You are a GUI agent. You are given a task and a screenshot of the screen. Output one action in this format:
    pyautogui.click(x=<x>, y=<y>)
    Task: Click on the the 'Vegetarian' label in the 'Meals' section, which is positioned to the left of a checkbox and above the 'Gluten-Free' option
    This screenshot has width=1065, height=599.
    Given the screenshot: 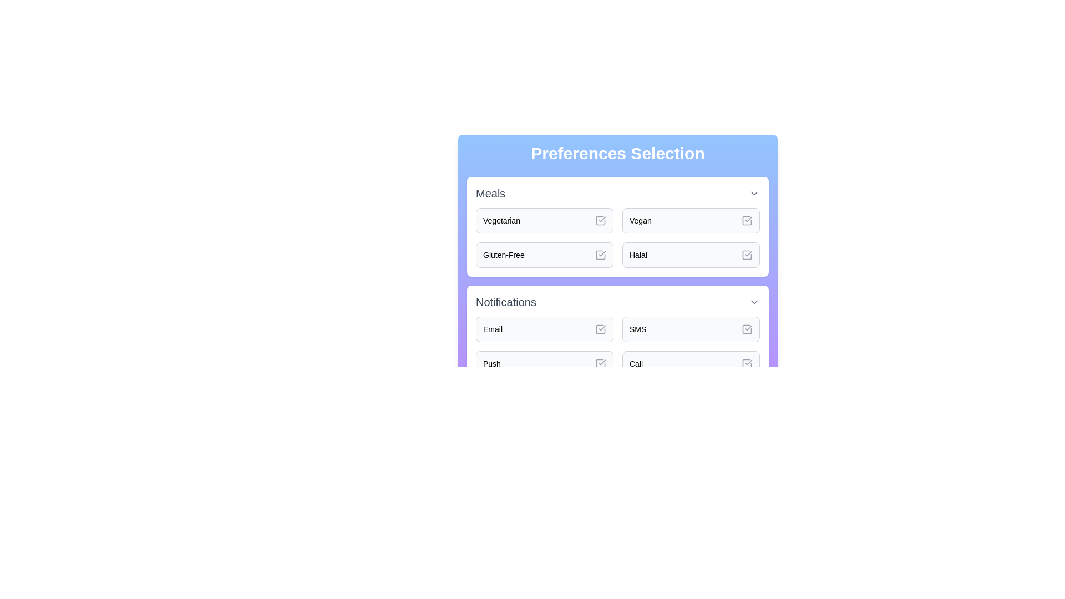 What is the action you would take?
    pyautogui.click(x=501, y=220)
    